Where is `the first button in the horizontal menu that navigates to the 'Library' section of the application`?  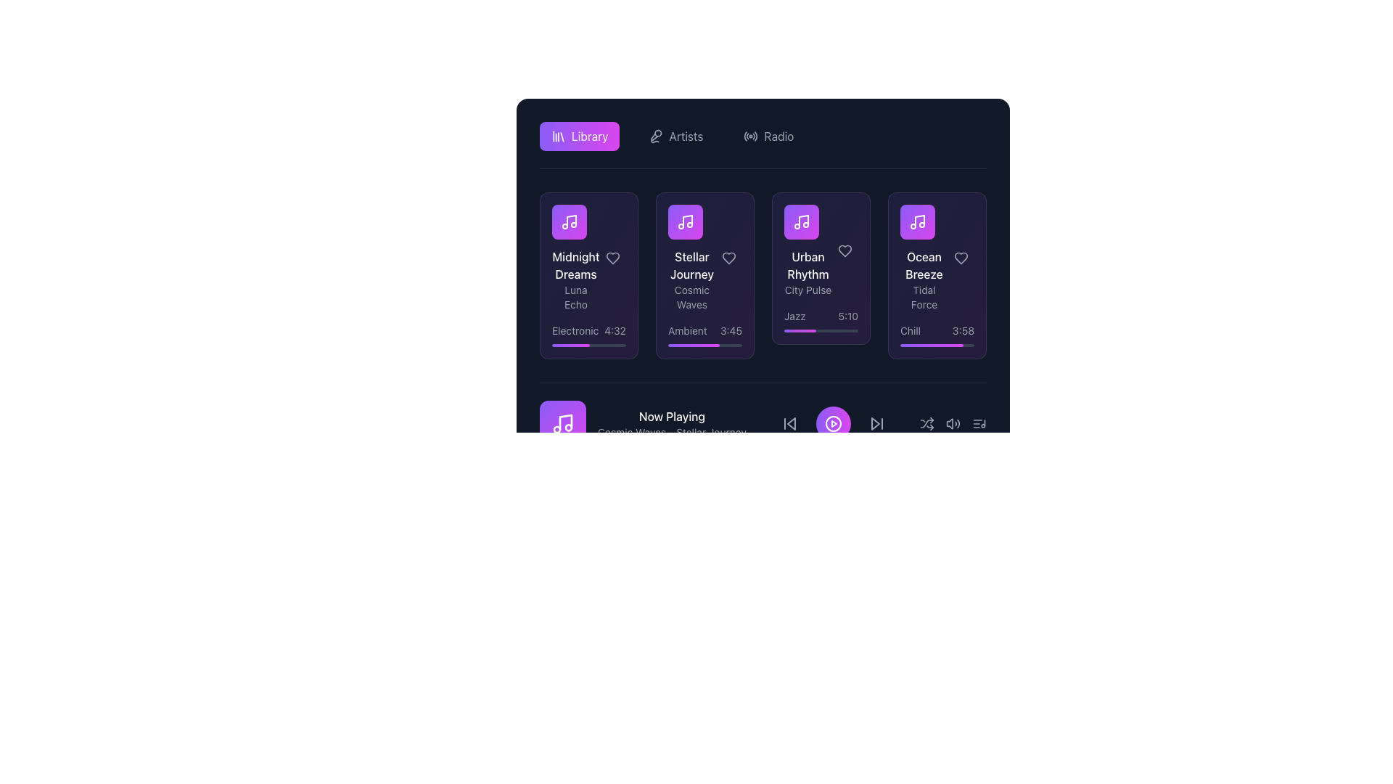 the first button in the horizontal menu that navigates to the 'Library' section of the application is located at coordinates (579, 136).